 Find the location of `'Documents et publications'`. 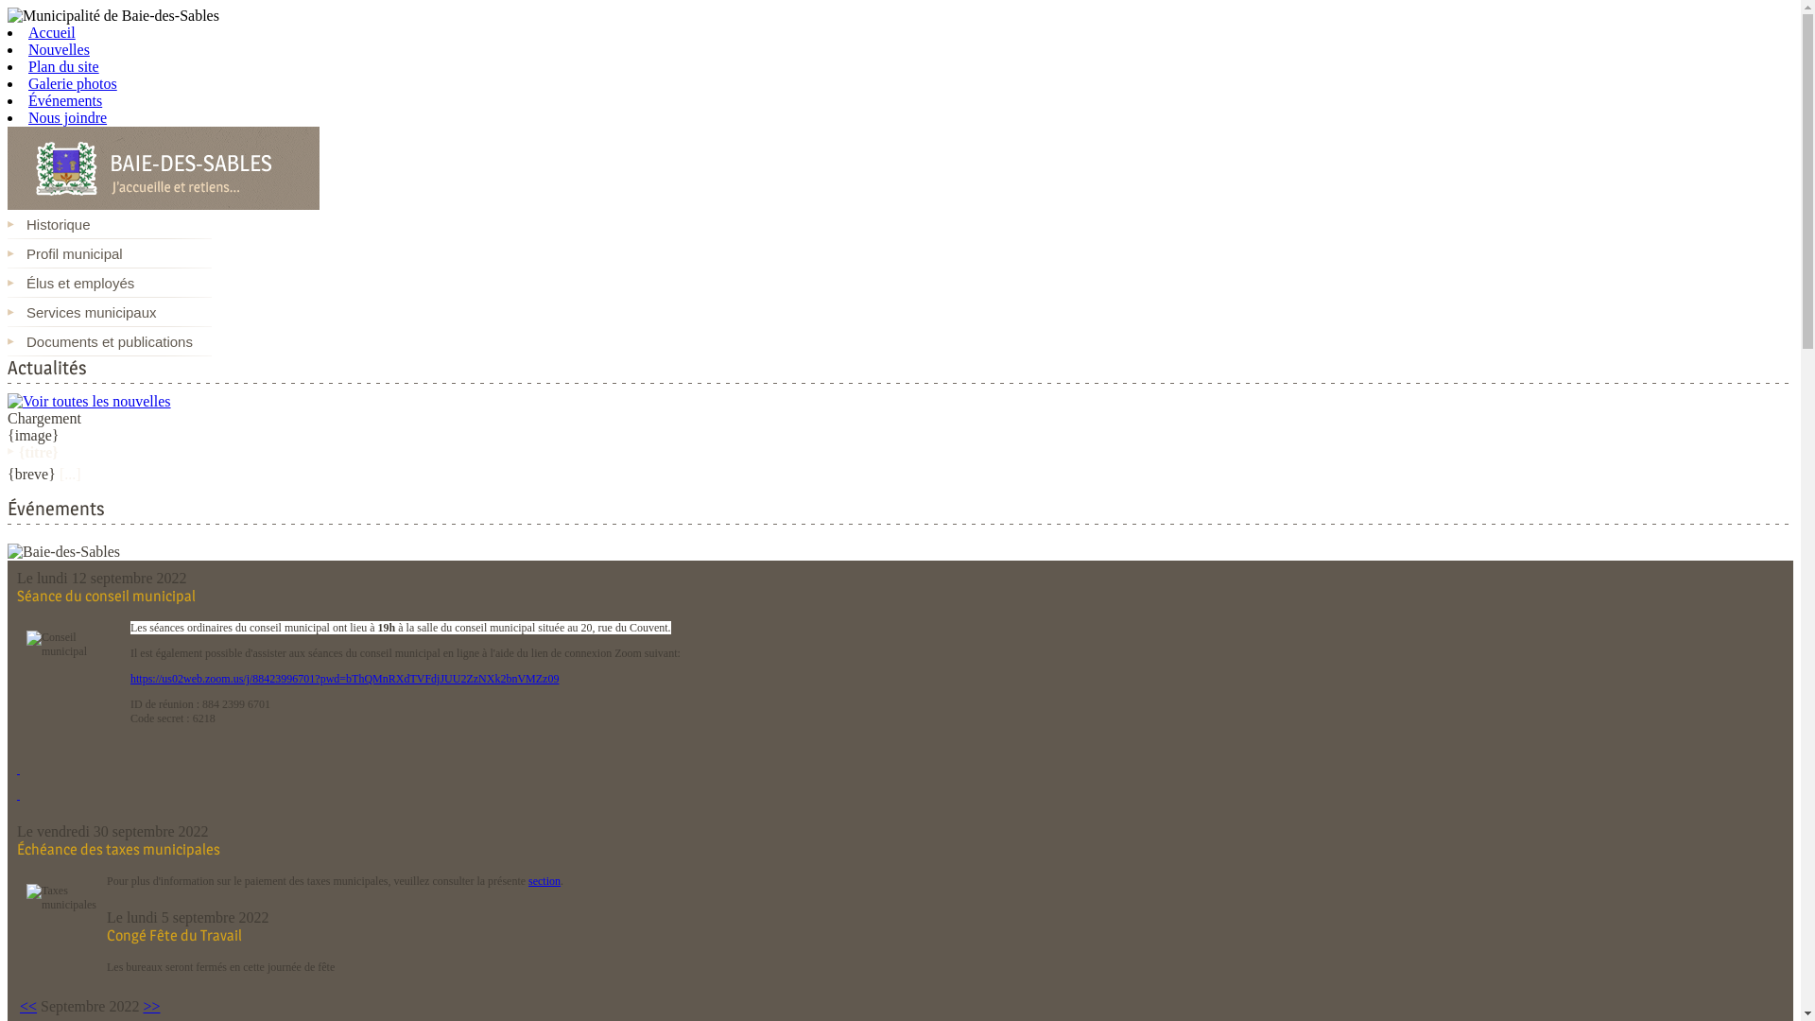

'Documents et publications' is located at coordinates (8, 341).